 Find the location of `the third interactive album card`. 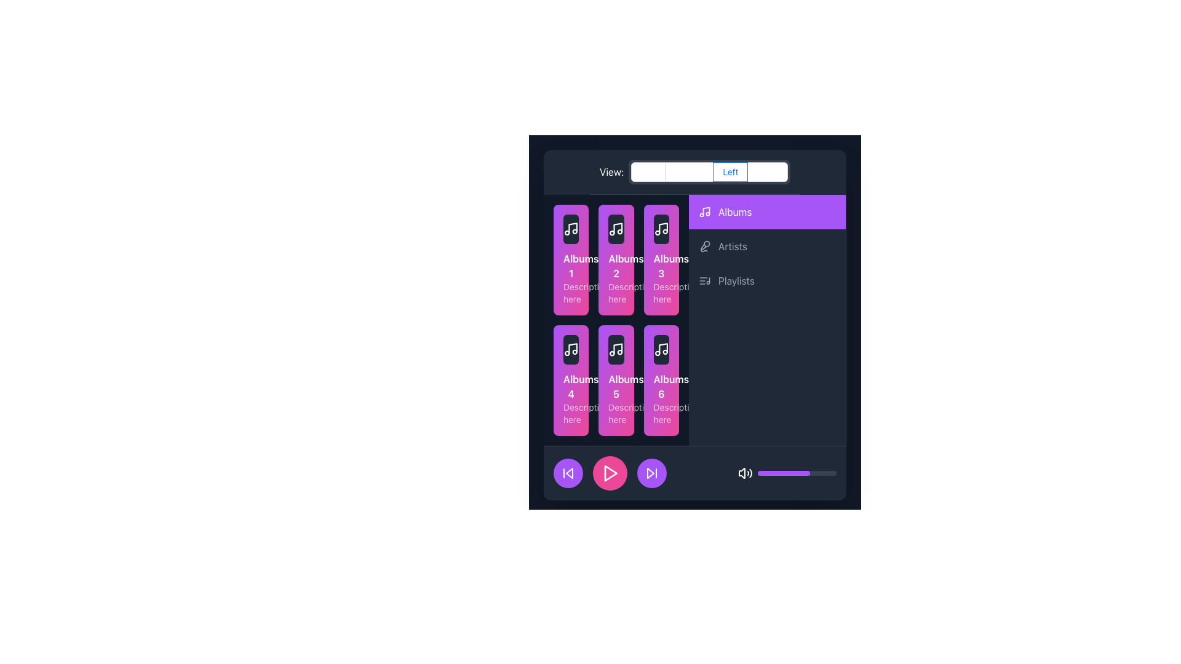

the third interactive album card is located at coordinates (661, 259).